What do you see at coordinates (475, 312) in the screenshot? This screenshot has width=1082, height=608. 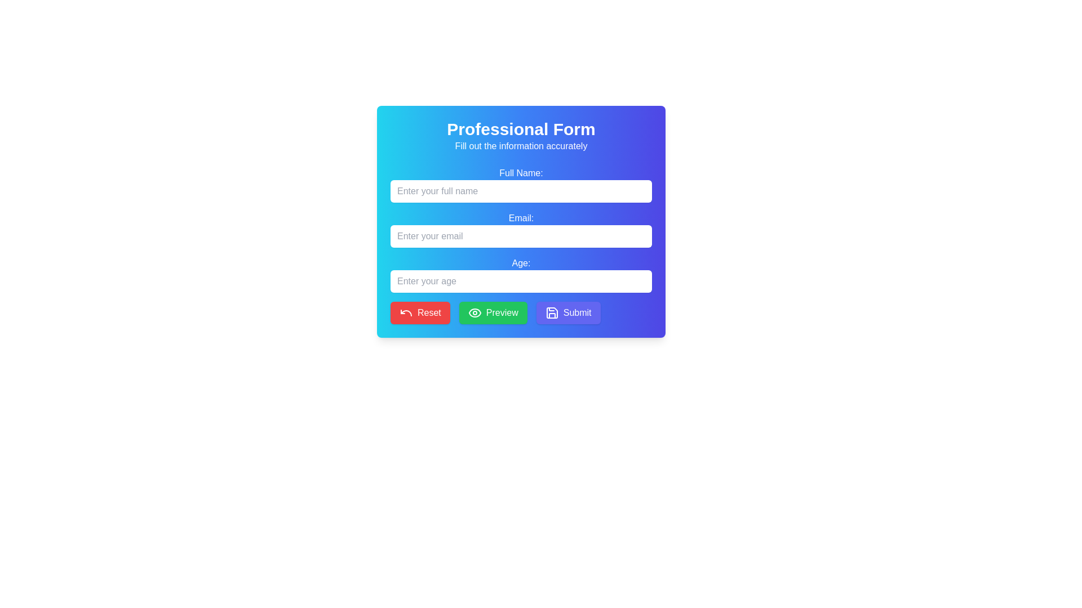 I see `the eye icon located on the green 'Preview' button, which is positioned to the left of the text 'Preview'` at bounding box center [475, 312].